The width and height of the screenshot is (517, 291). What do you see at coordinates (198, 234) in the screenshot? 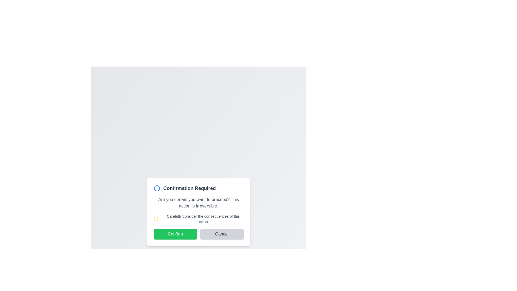
I see `the 'Confirm' button in the Button Group located at the bottom of the confirmation dialog box` at bounding box center [198, 234].